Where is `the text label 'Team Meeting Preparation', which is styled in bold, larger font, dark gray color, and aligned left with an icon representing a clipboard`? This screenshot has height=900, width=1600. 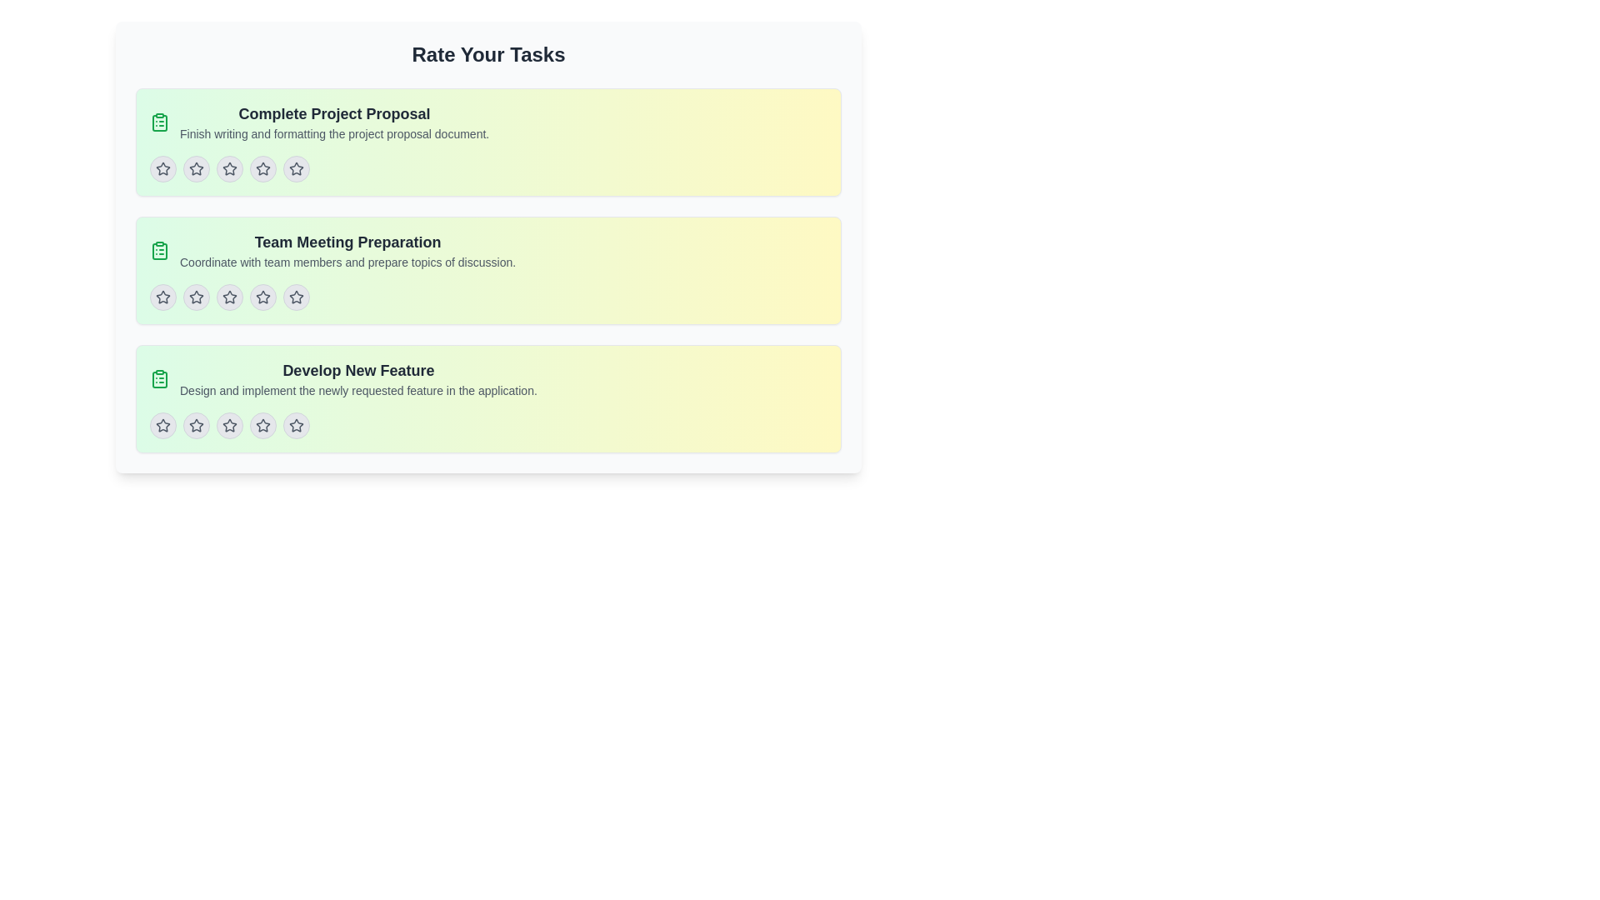 the text label 'Team Meeting Preparation', which is styled in bold, larger font, dark gray color, and aligned left with an icon representing a clipboard is located at coordinates (347, 242).